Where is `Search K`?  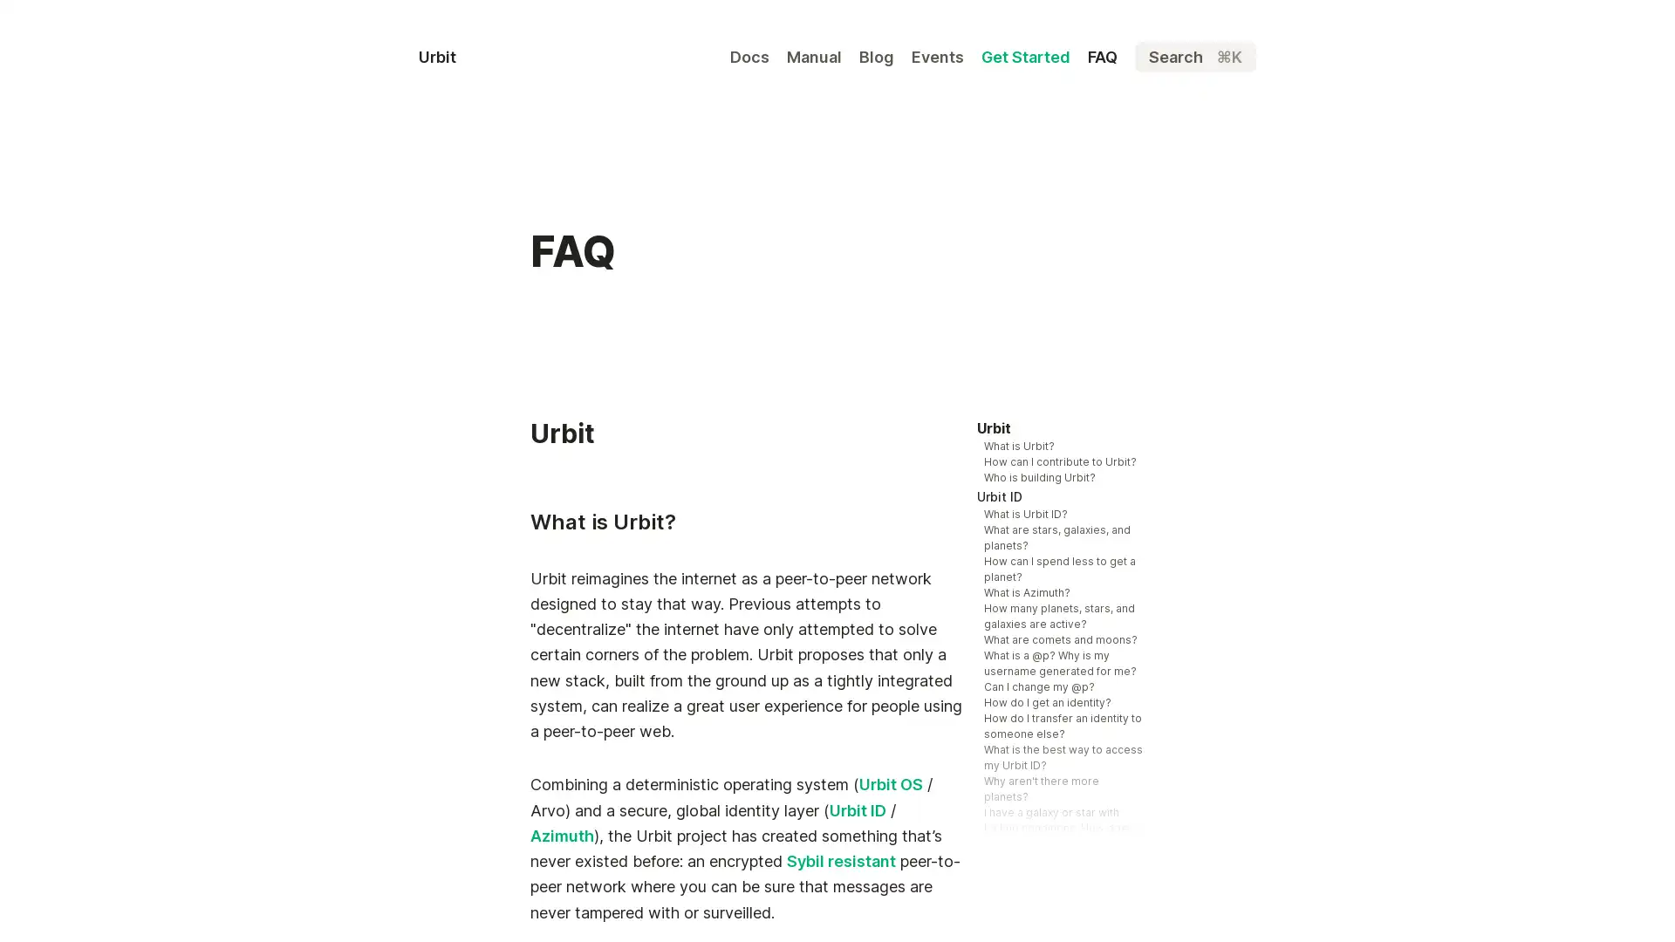 Search K is located at coordinates (1194, 56).